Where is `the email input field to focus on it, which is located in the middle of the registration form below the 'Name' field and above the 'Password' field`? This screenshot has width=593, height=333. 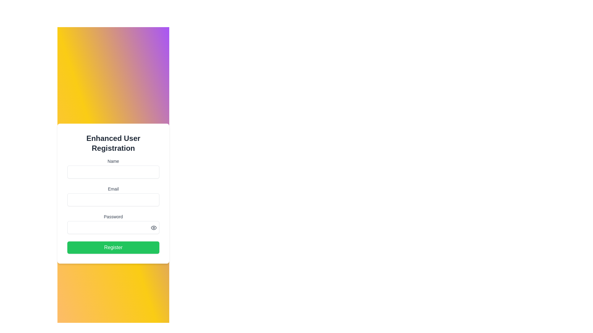 the email input field to focus on it, which is located in the middle of the registration form below the 'Name' field and above the 'Password' field is located at coordinates (113, 196).